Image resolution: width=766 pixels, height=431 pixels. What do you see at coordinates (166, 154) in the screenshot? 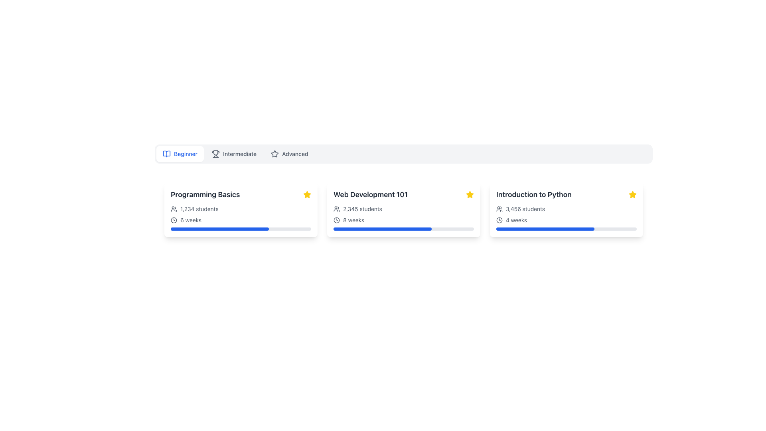
I see `the 'Beginner' category icon located at the beginning of the tab-style navigation bar, positioned directly before the 'Beginner' text` at bounding box center [166, 154].